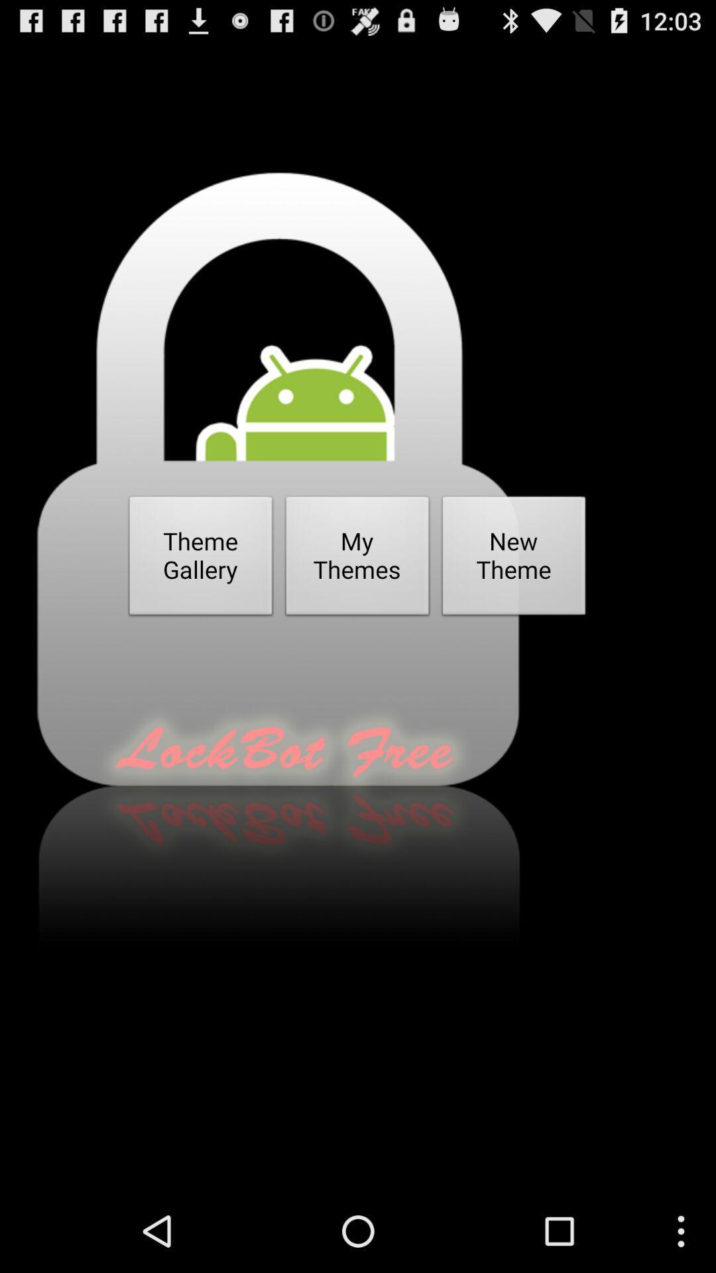  What do you see at coordinates (357, 560) in the screenshot?
I see `the item to the left of the new theme icon` at bounding box center [357, 560].